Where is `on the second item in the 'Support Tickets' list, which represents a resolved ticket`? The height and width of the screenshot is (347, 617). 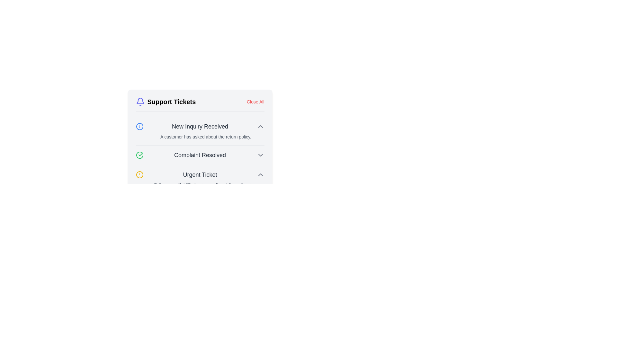
on the second item in the 'Support Tickets' list, which represents a resolved ticket is located at coordinates (200, 155).